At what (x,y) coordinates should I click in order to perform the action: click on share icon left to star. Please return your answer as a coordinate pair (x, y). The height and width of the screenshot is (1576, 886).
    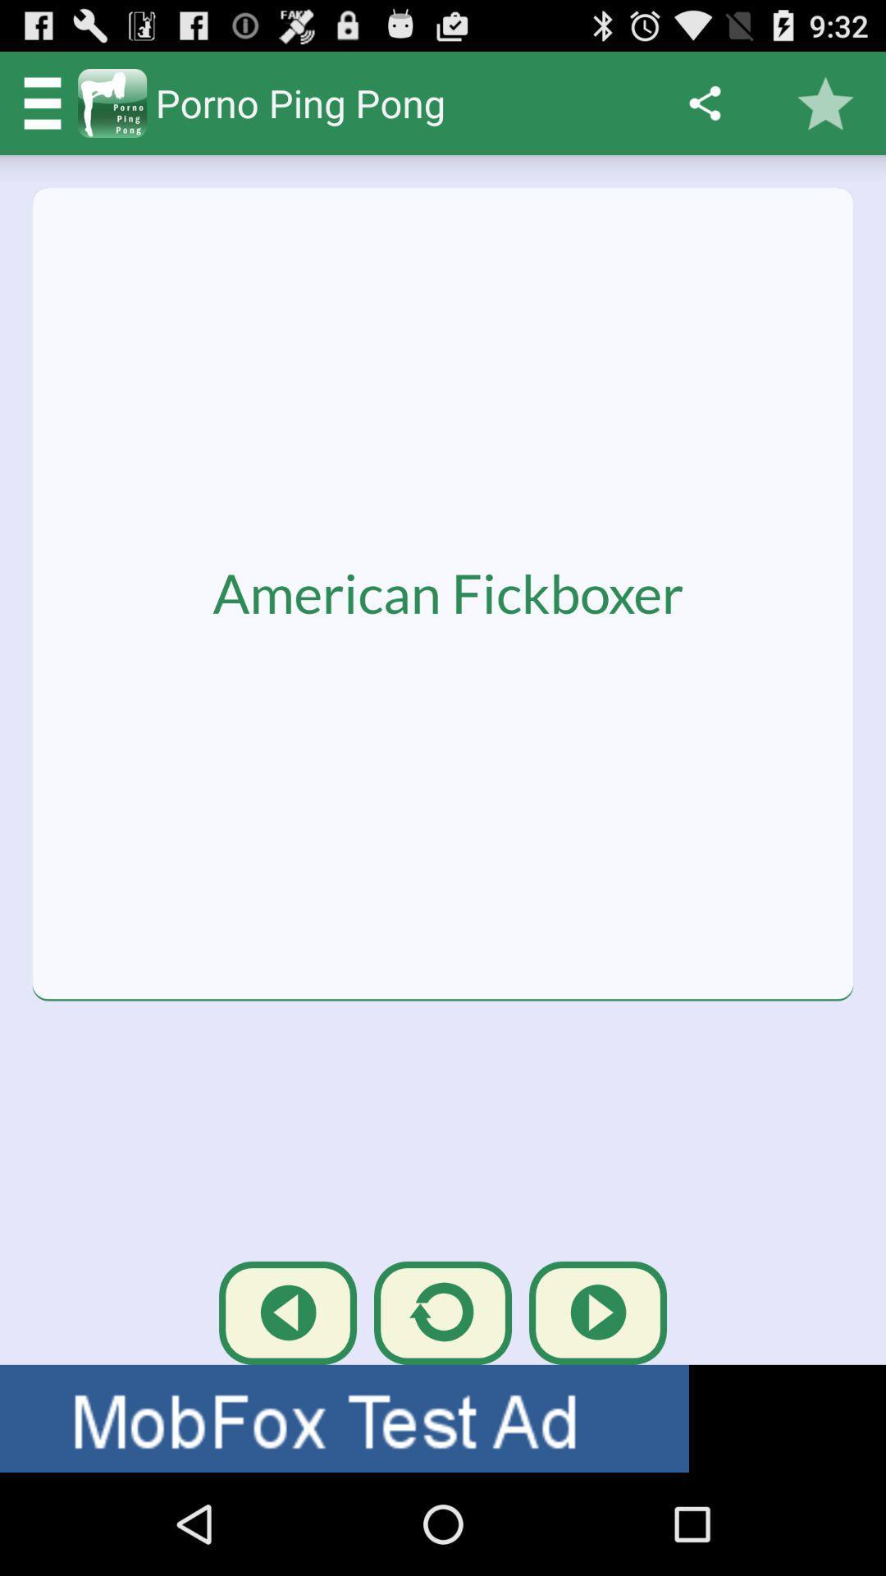
    Looking at the image, I should click on (704, 102).